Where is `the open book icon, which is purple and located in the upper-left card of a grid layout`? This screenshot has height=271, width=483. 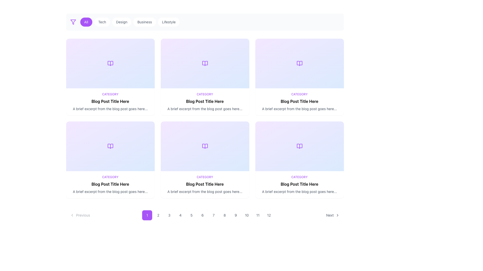
the open book icon, which is purple and located in the upper-left card of a grid layout is located at coordinates (110, 63).